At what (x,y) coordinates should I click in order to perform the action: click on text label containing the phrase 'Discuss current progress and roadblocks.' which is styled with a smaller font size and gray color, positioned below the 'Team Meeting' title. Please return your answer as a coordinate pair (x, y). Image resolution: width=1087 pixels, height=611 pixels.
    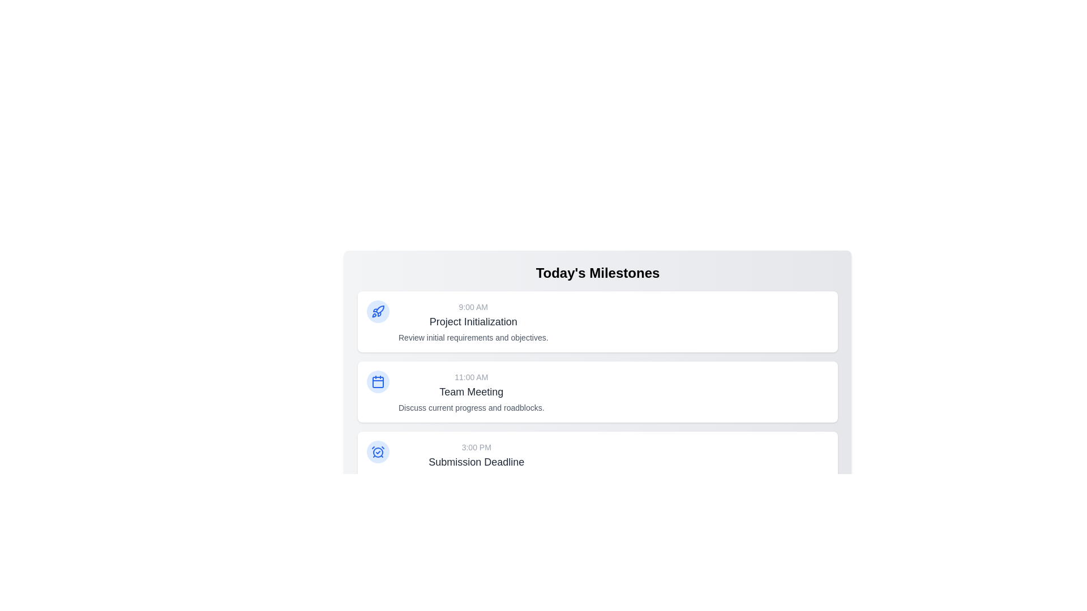
    Looking at the image, I should click on (471, 408).